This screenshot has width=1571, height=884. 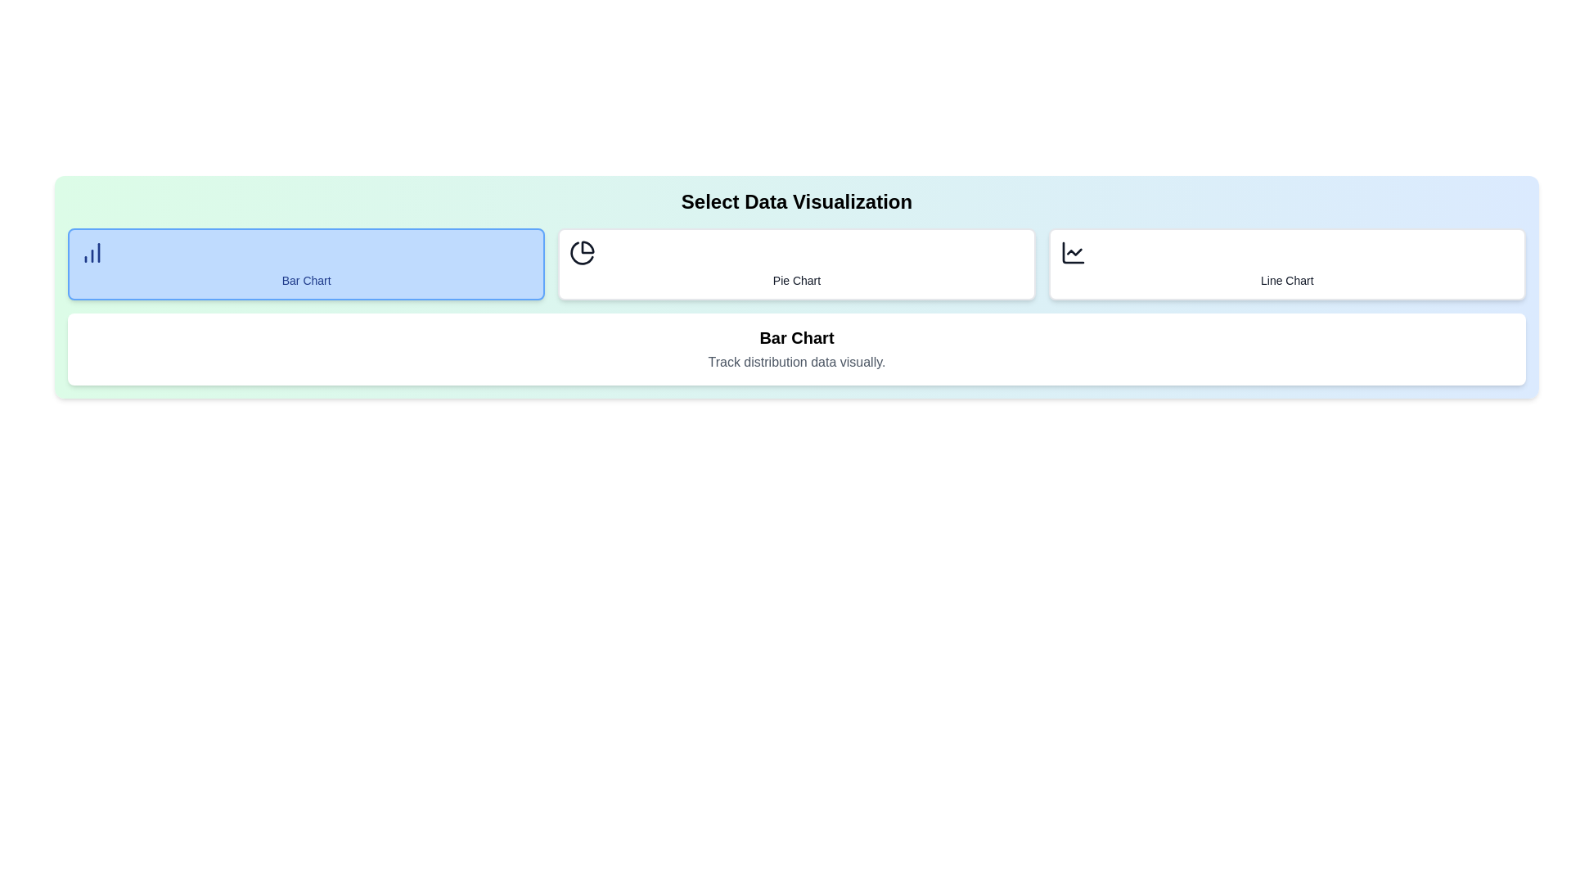 What do you see at coordinates (1073, 252) in the screenshot?
I see `the Line Chart icon located in the data visualization selector interface, positioned at the top left above the text 'Line Chart'` at bounding box center [1073, 252].